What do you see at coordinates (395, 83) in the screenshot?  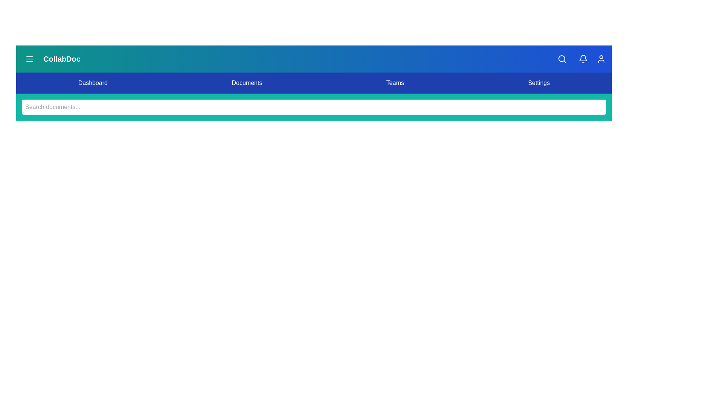 I see `the navigation item Teams from the menu` at bounding box center [395, 83].